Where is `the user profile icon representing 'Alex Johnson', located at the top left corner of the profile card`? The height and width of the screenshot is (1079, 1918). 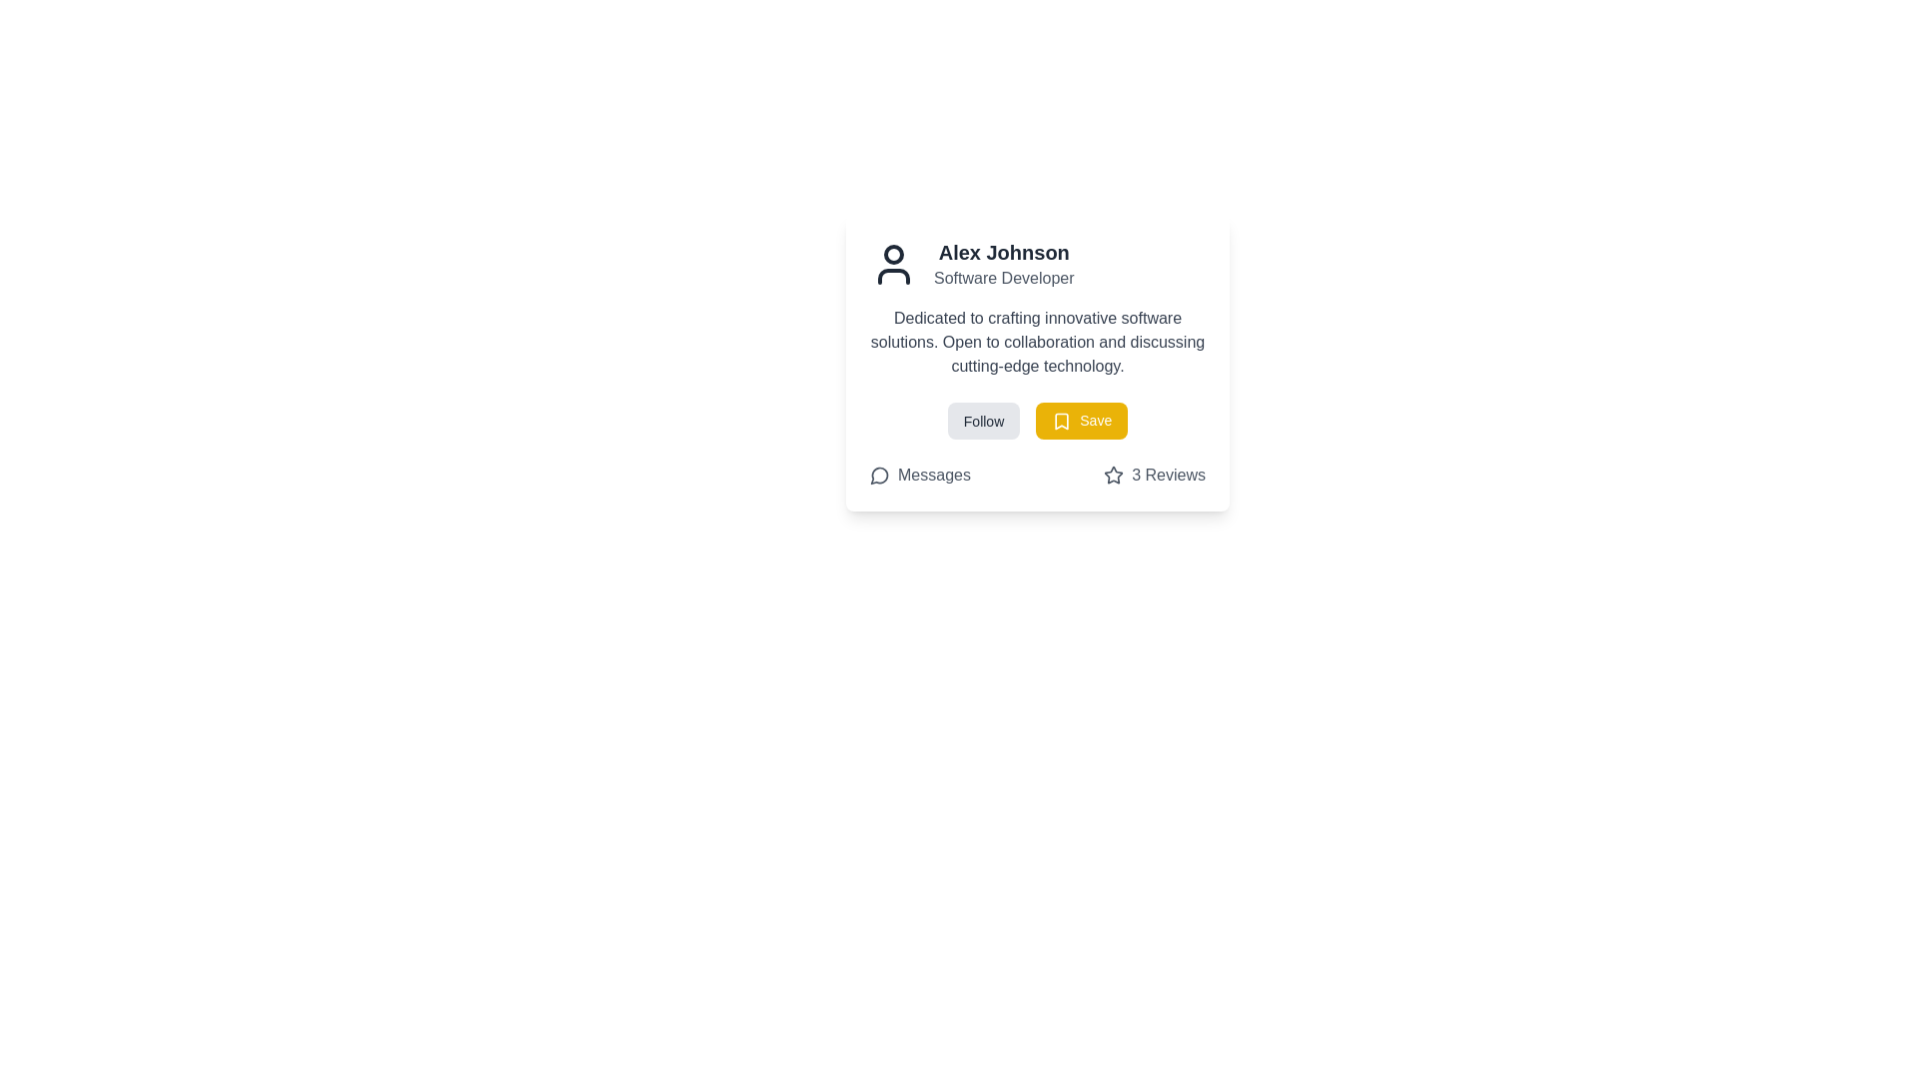 the user profile icon representing 'Alex Johnson', located at the top left corner of the profile card is located at coordinates (892, 264).